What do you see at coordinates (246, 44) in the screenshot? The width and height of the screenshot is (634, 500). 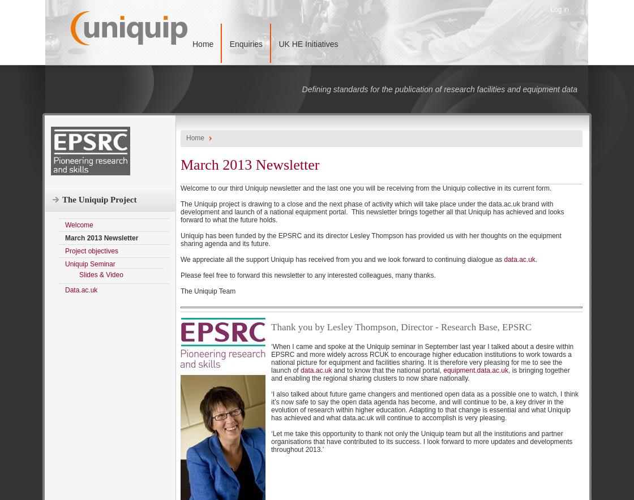 I see `'Enquiries'` at bounding box center [246, 44].